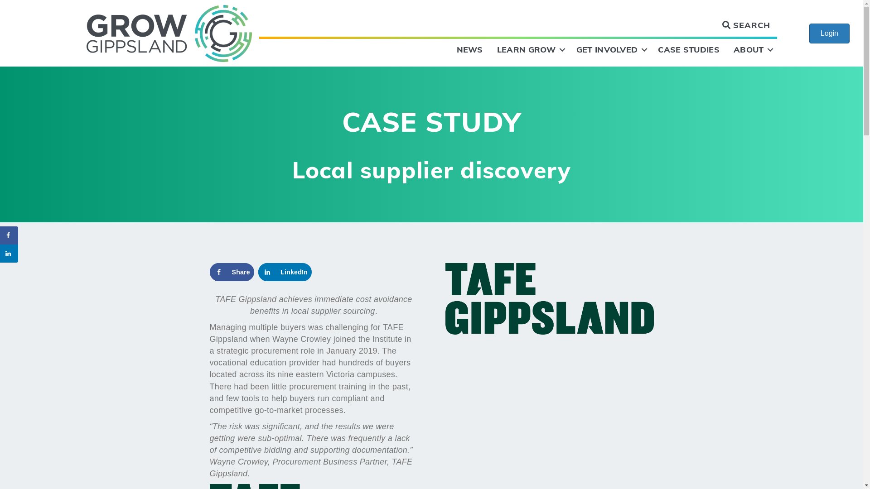 This screenshot has height=489, width=870. I want to click on 'GET INVOLVED', so click(610, 50).